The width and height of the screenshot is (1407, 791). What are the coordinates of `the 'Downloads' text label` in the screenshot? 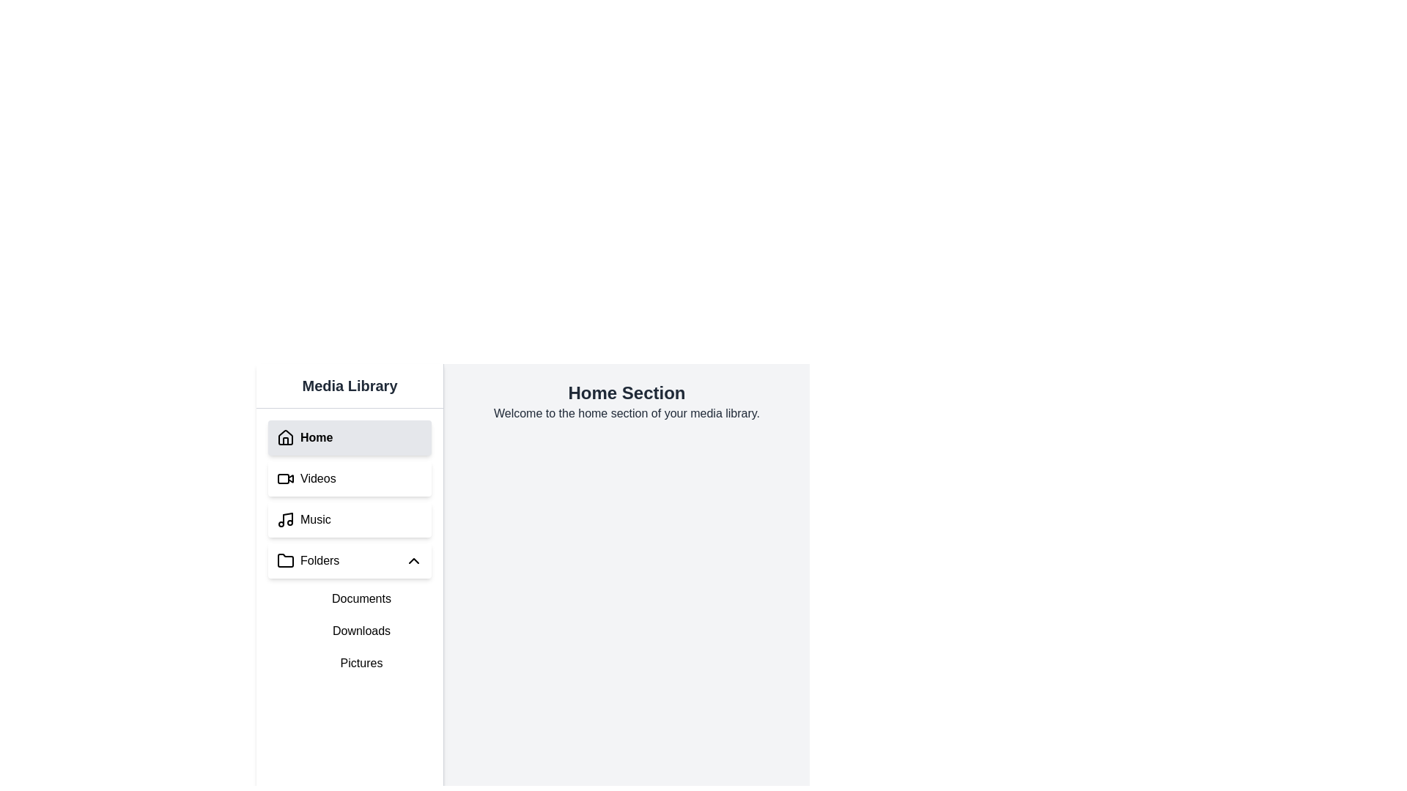 It's located at (361, 630).